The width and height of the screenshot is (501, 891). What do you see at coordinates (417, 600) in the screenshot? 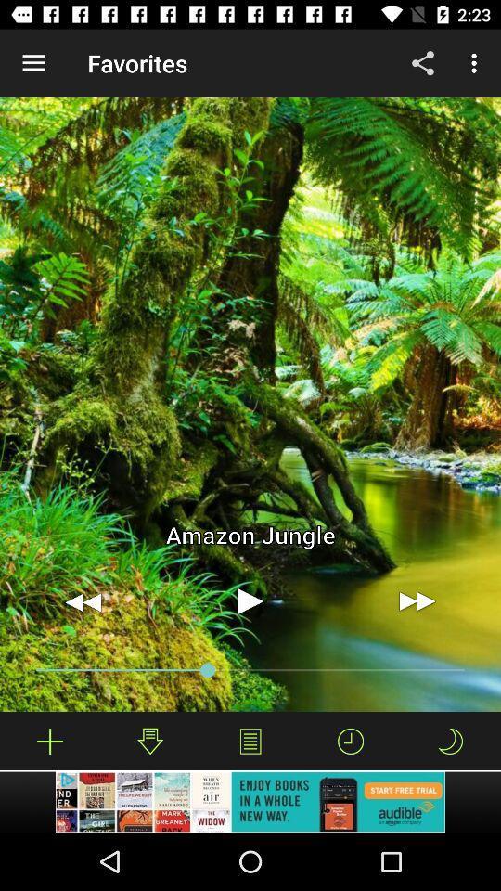
I see `the av_forward icon` at bounding box center [417, 600].